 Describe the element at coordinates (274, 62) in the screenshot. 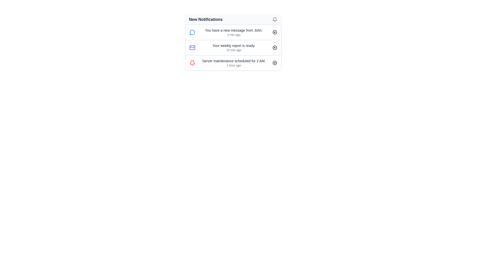

I see `the SVG circle that signifies the close button for the third notification item, which relates to 'Server maintenance scheduled for 2 AM'` at that location.